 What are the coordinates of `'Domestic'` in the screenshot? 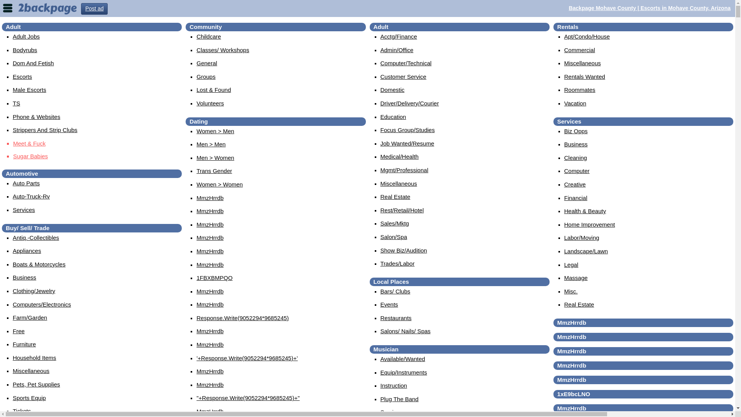 It's located at (392, 89).